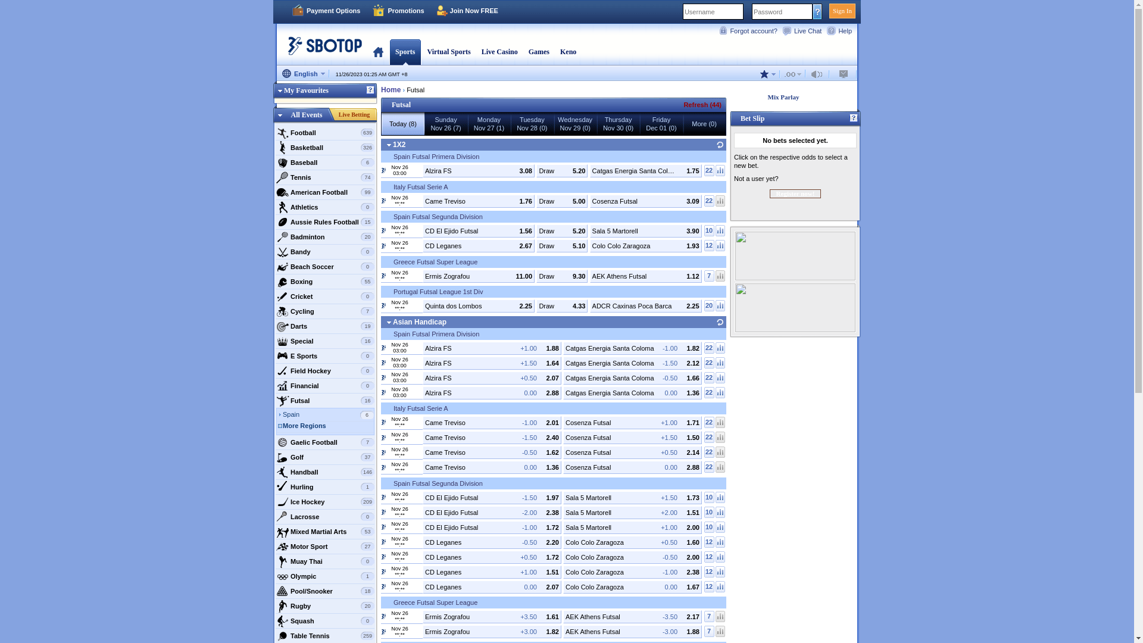 This screenshot has width=1143, height=643. Describe the element at coordinates (325, 146) in the screenshot. I see `'Basketball` at that location.